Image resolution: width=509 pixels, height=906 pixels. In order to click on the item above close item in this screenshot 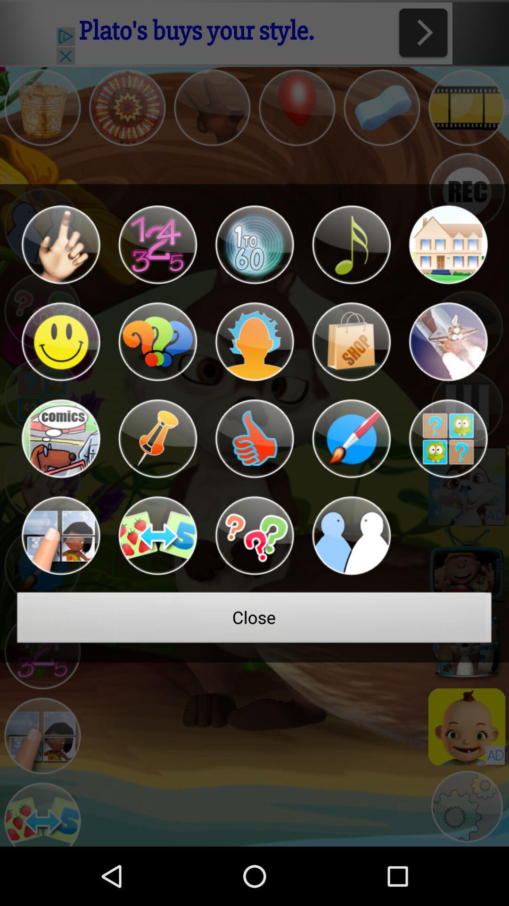, I will do `click(60, 536)`.